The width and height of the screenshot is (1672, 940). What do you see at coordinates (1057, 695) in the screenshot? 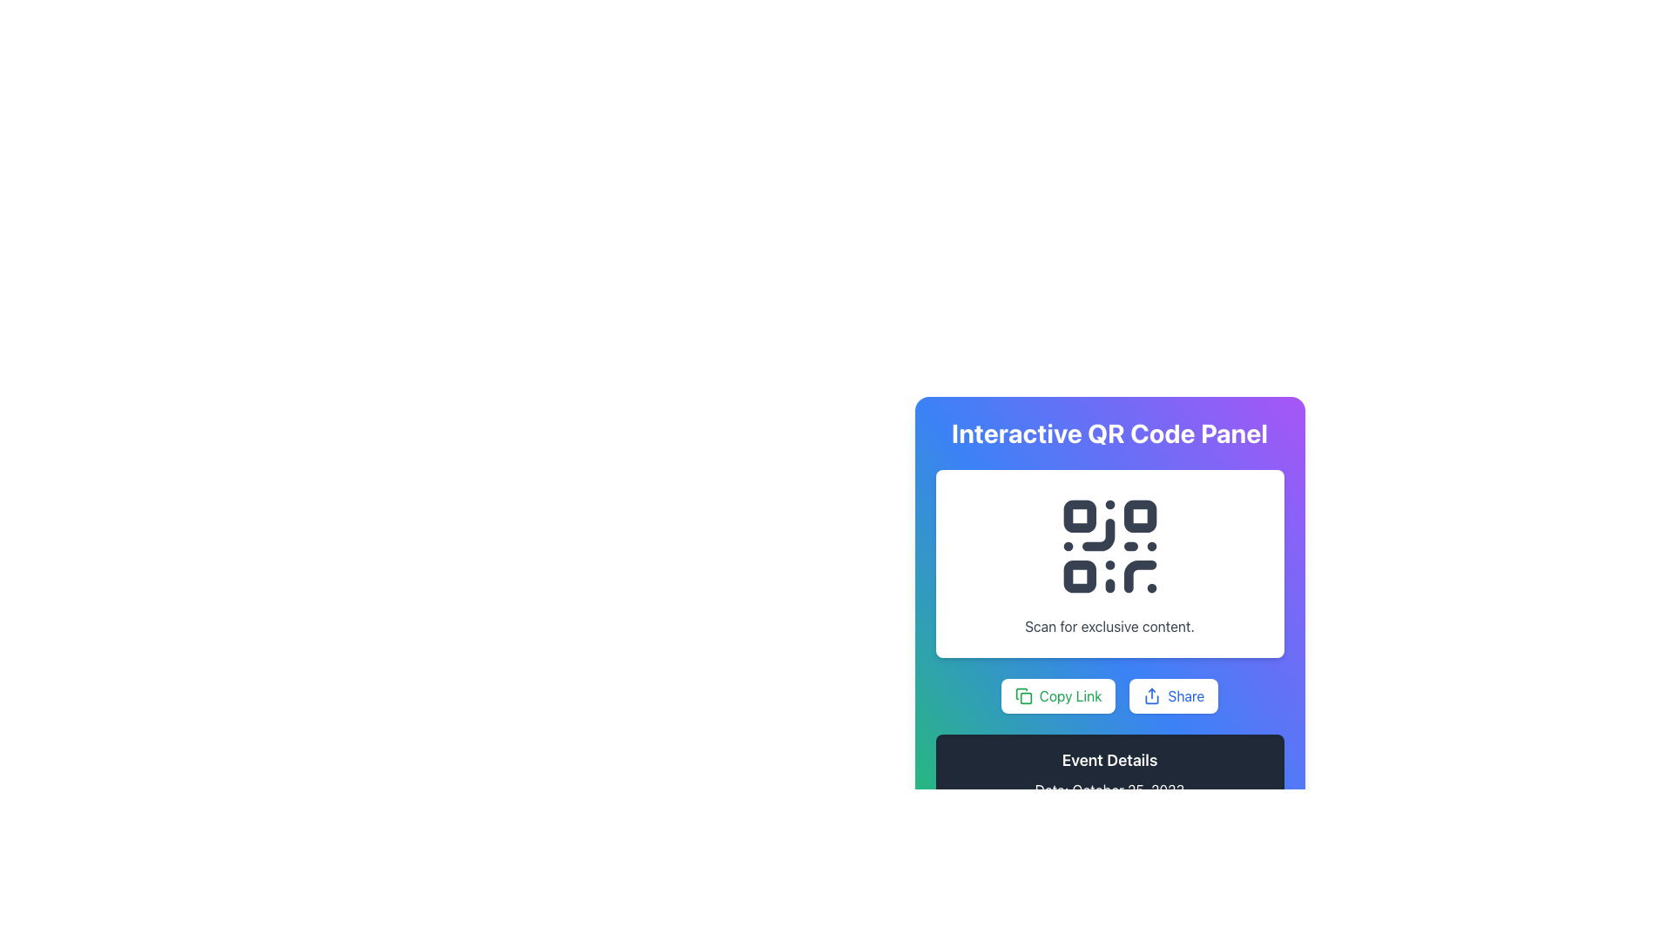
I see `the 'Copy Link' button` at bounding box center [1057, 695].